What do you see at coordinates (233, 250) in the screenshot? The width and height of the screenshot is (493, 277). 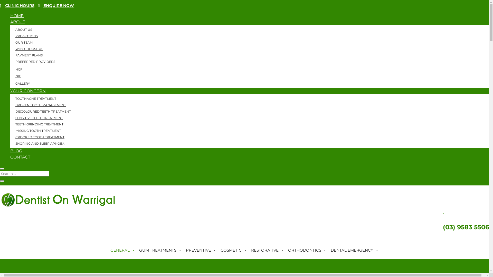 I see `'COSMETIC'` at bounding box center [233, 250].